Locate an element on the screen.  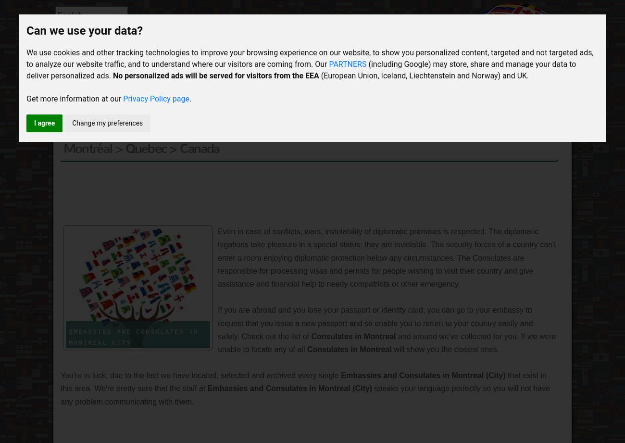
'Privacy Policy page' is located at coordinates (156, 98).